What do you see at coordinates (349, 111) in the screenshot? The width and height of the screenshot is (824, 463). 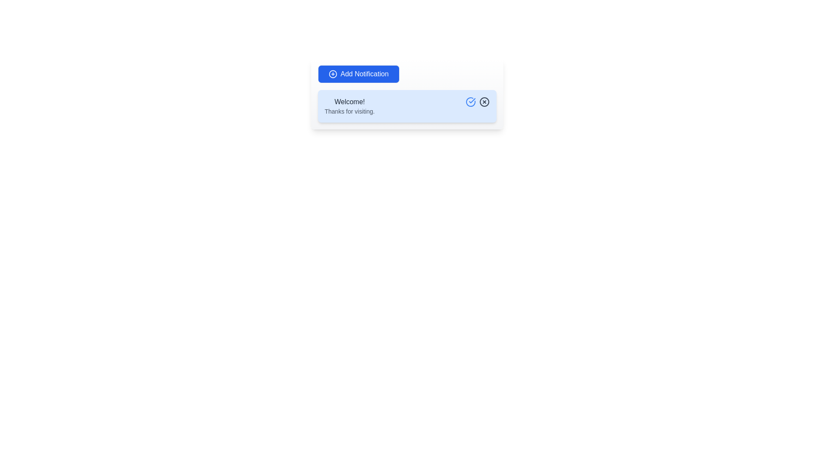 I see `the text element displaying 'Thanks for visiting.' which is styled in a small font and light gray color, located directly below 'Welcome!' within the interface` at bounding box center [349, 111].